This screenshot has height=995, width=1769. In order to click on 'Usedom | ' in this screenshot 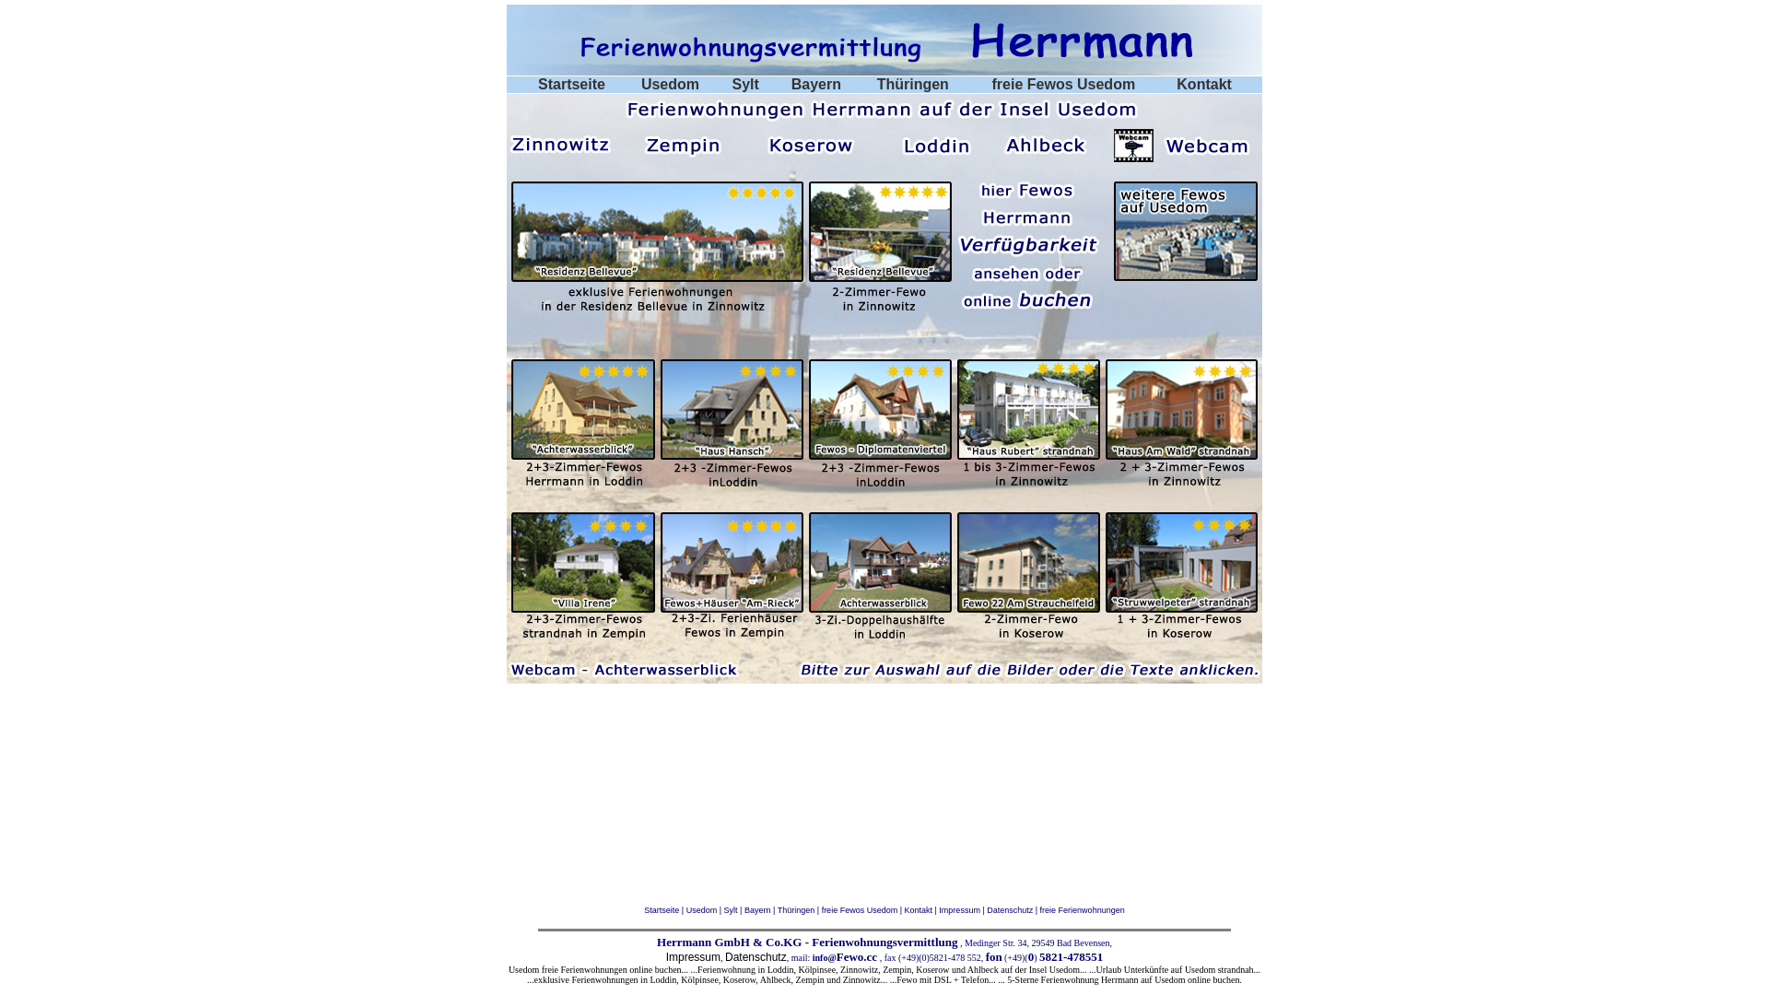, I will do `click(704, 908)`.